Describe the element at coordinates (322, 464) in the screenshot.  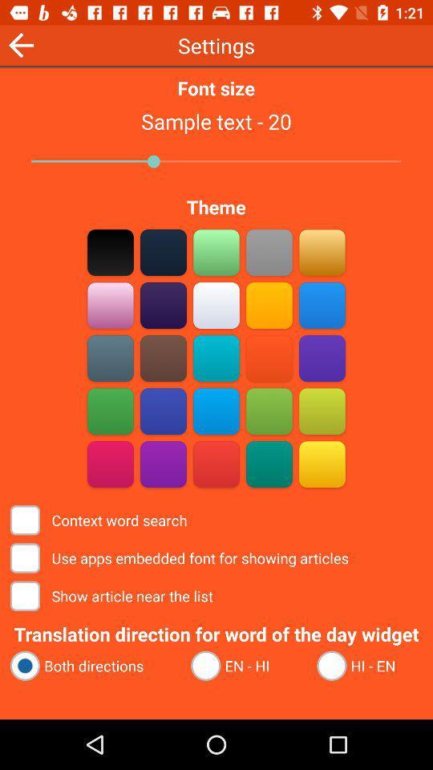
I see `the color yellow` at that location.